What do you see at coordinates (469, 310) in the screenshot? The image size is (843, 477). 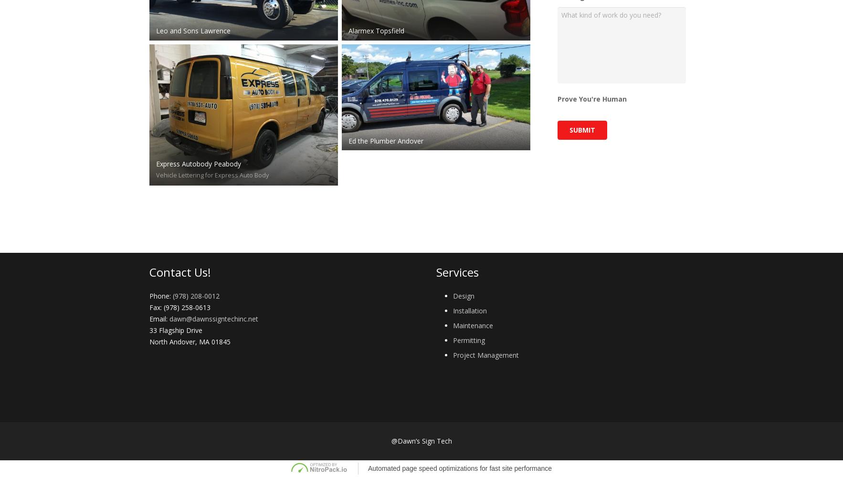 I see `'Installation'` at bounding box center [469, 310].